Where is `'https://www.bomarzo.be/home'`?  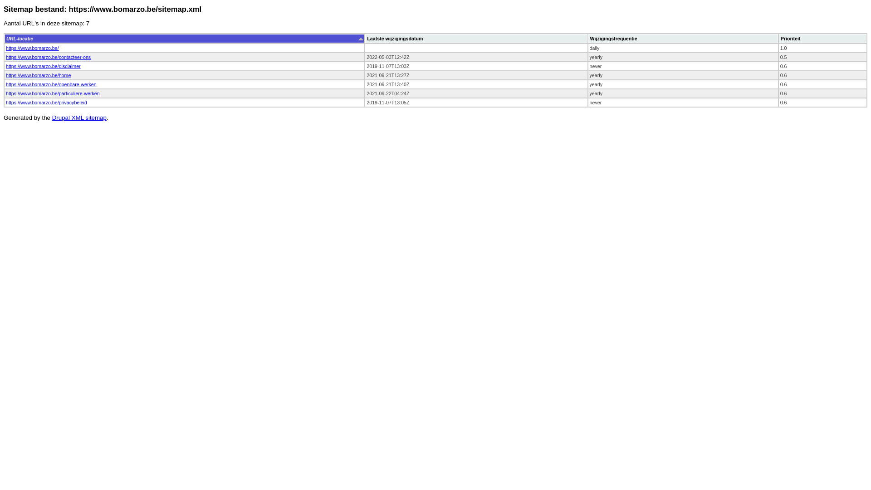 'https://www.bomarzo.be/home' is located at coordinates (6, 74).